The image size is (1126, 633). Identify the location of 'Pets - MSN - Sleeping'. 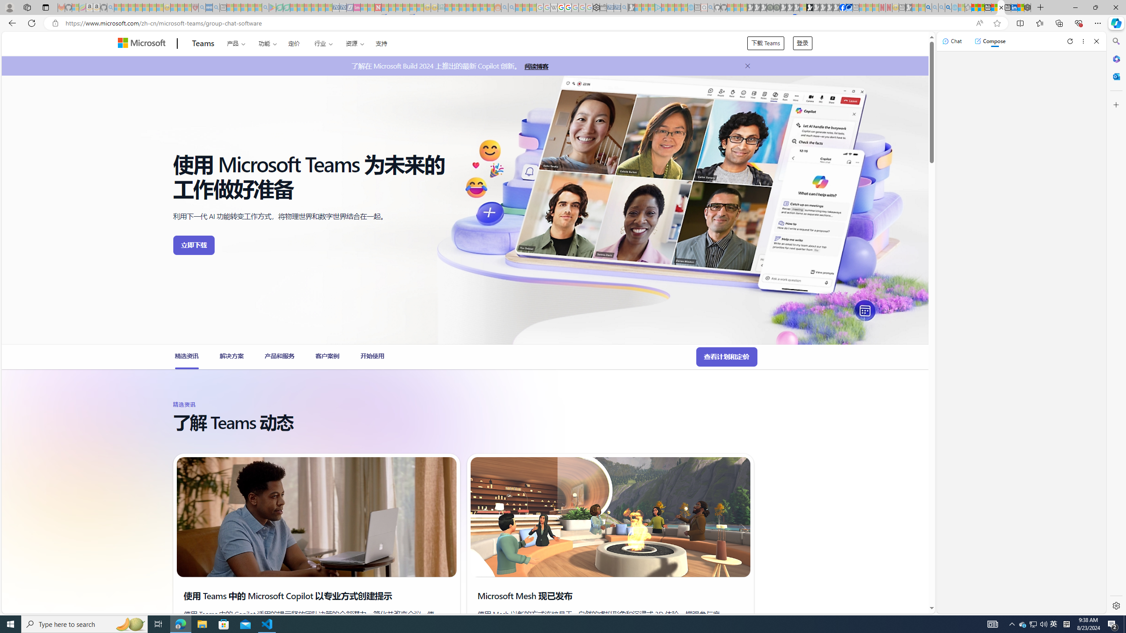
(251, 7).